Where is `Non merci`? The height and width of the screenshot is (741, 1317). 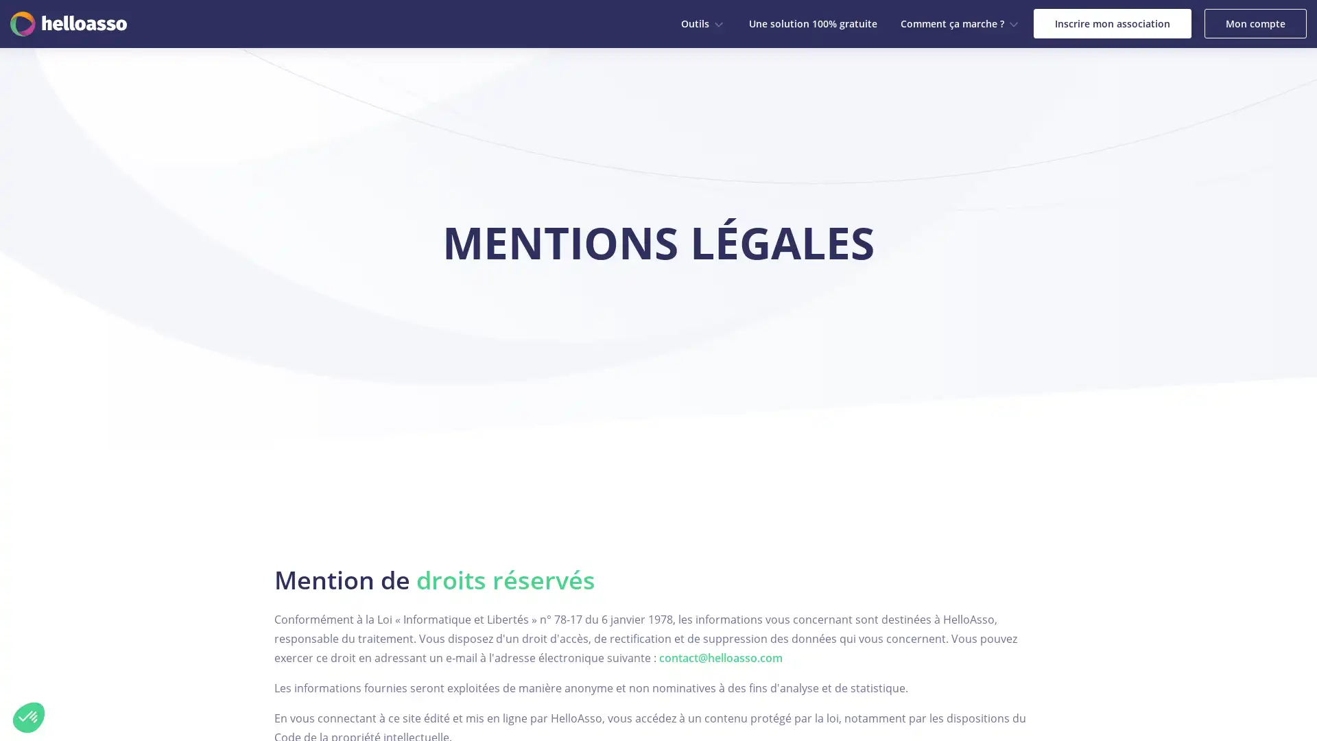
Non merci is located at coordinates (61, 671).